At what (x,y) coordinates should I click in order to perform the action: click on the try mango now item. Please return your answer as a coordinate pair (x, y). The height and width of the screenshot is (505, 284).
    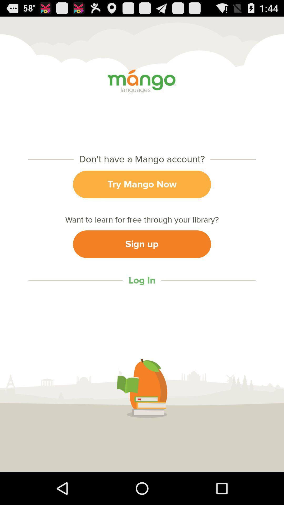
    Looking at the image, I should click on (142, 184).